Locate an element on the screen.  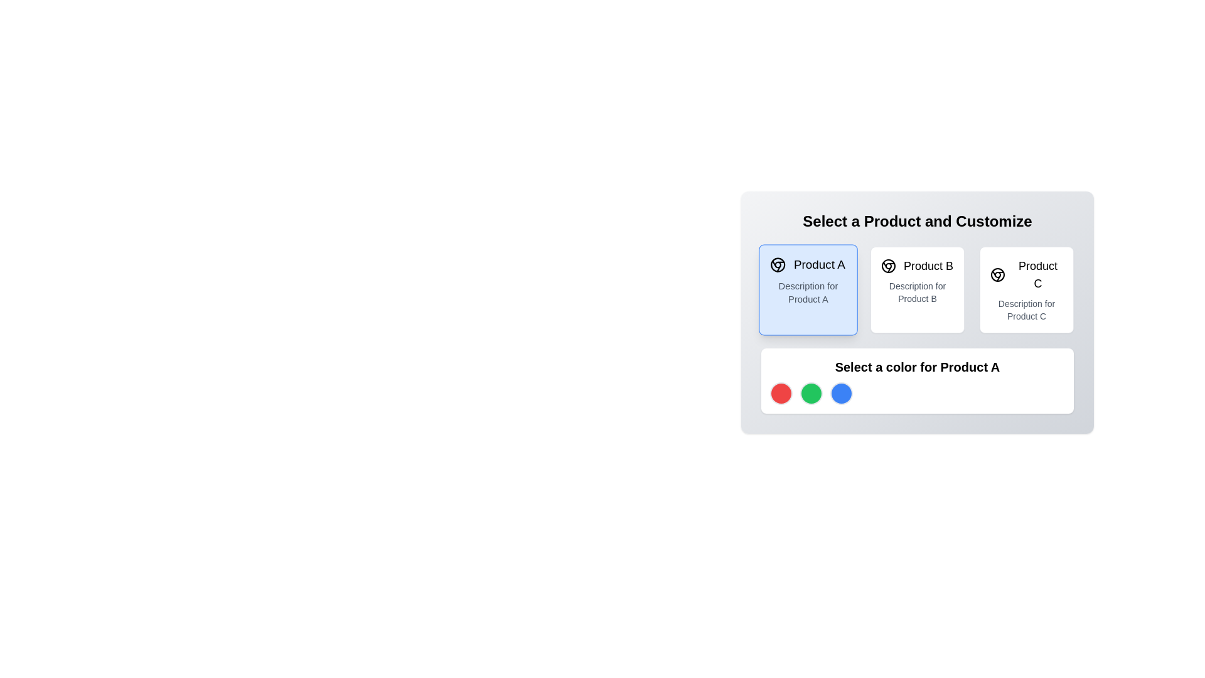
label displaying 'Product B', which is the second item in a list of product options, positioned between 'Product A' and 'Product C' is located at coordinates (918, 266).